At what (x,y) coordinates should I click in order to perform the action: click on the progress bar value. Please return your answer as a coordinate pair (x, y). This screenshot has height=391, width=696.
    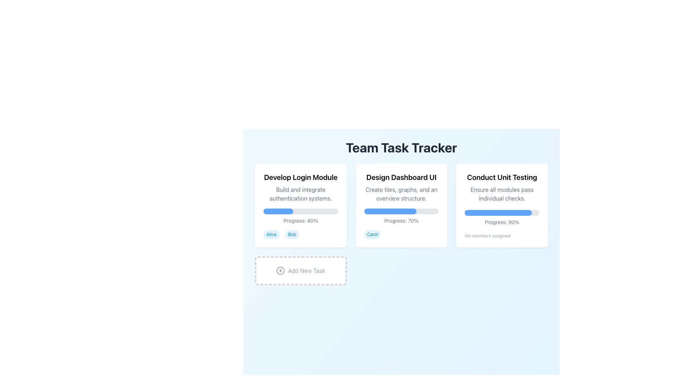
    Looking at the image, I should click on (288, 211).